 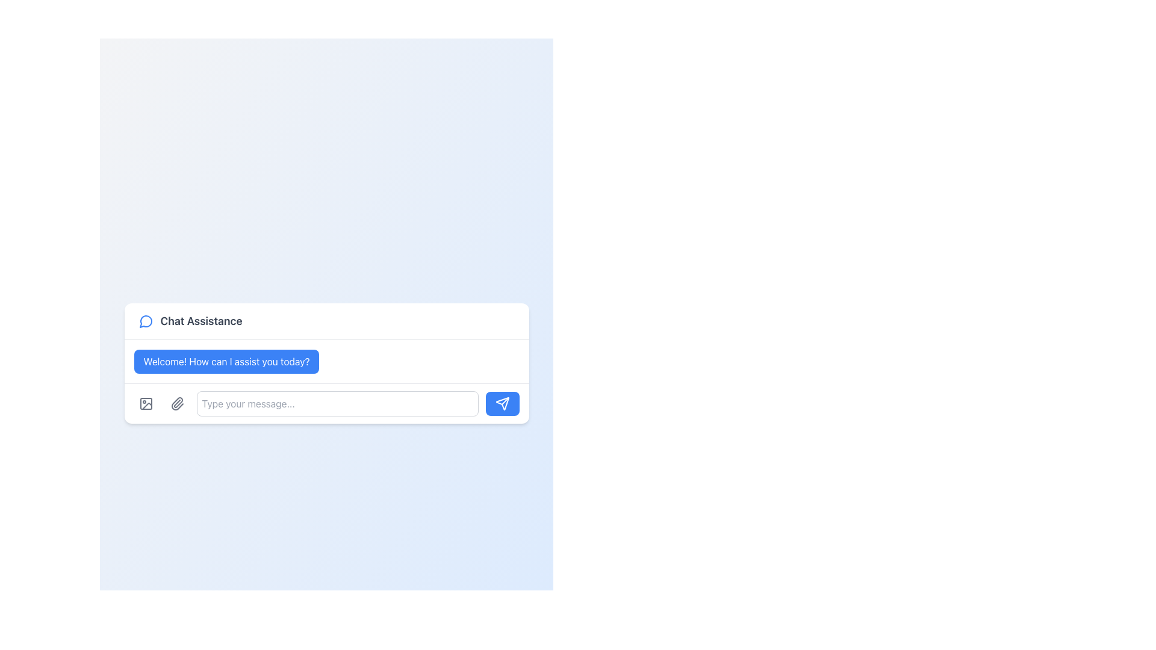 What do you see at coordinates (502, 404) in the screenshot?
I see `the send button located at the far-right end of the chat input section to send the message typed in the adjacent input field` at bounding box center [502, 404].